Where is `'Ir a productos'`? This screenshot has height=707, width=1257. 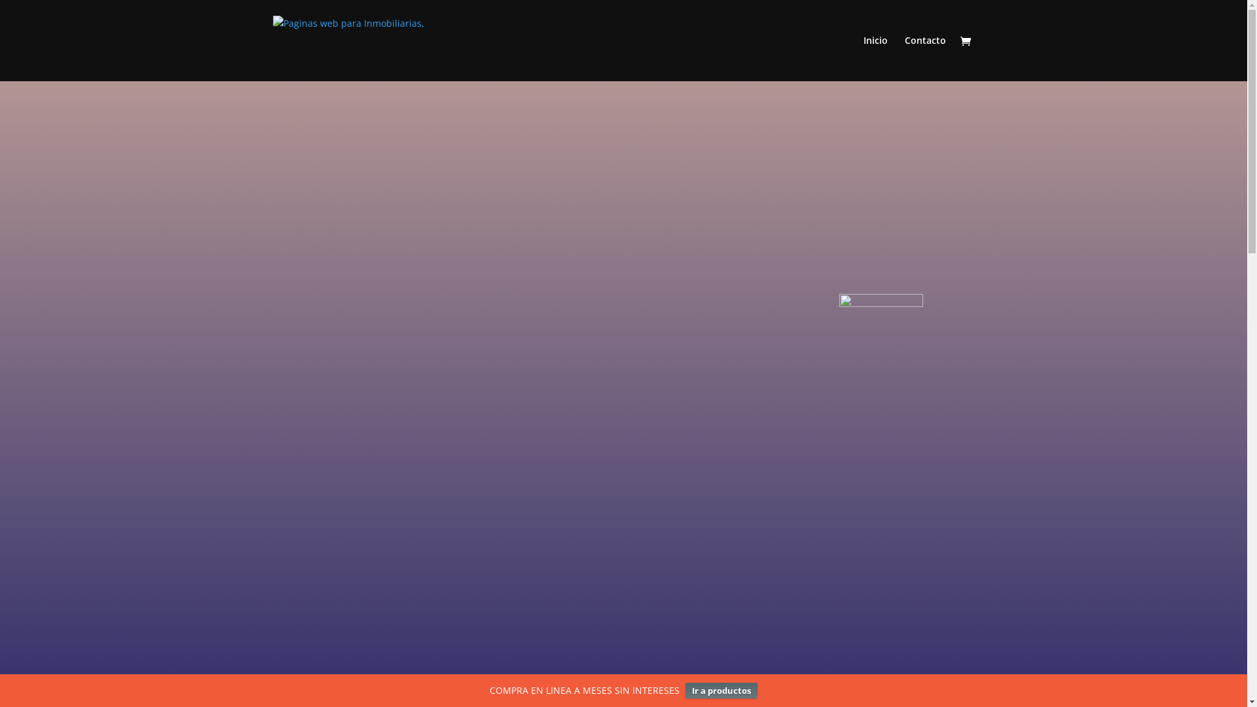 'Ir a productos' is located at coordinates (721, 690).